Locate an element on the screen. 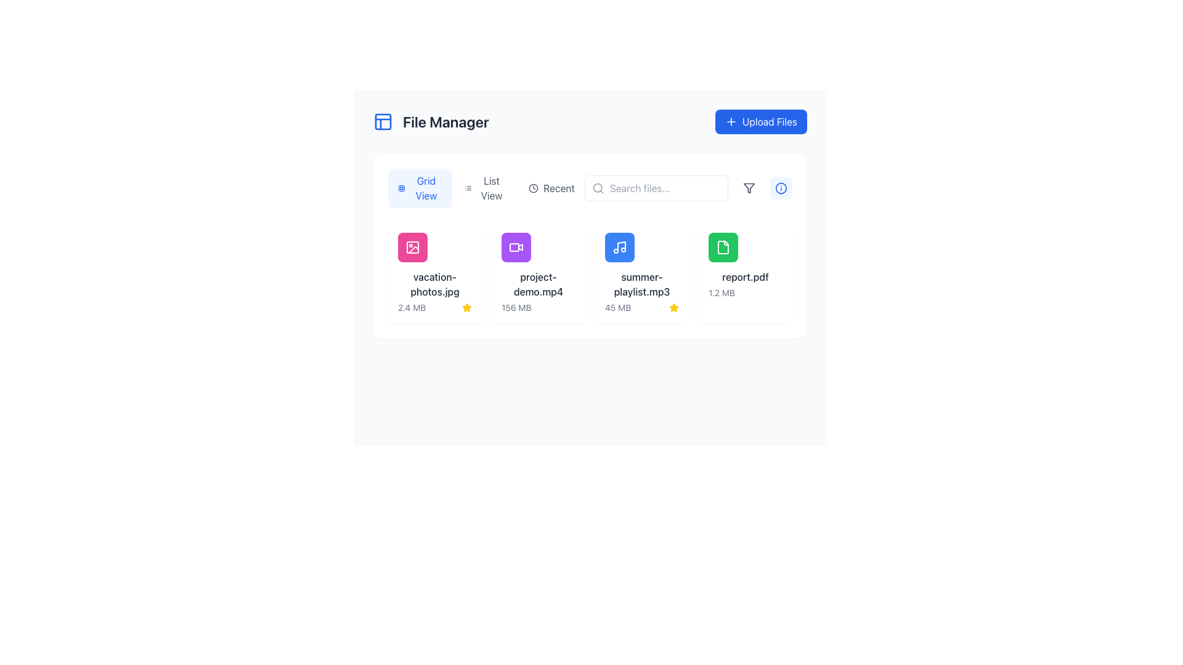 The width and height of the screenshot is (1183, 665). the file icons within the central file management display interface is located at coordinates (590, 224).